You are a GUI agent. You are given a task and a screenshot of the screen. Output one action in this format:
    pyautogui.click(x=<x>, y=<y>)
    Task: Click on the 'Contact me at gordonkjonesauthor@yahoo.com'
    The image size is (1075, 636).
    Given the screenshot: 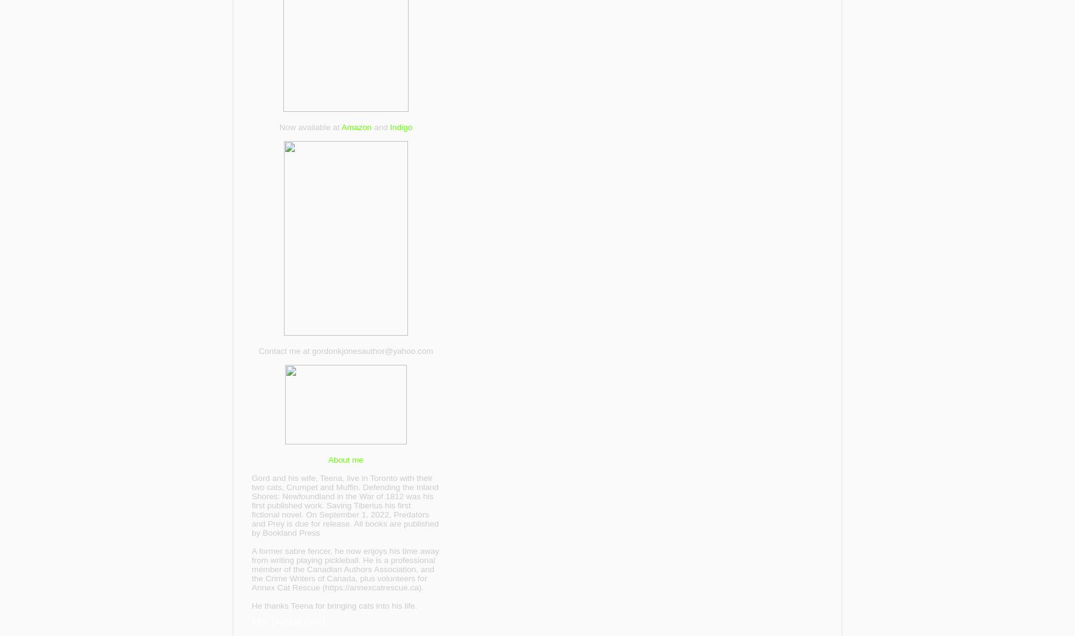 What is the action you would take?
    pyautogui.click(x=345, y=350)
    